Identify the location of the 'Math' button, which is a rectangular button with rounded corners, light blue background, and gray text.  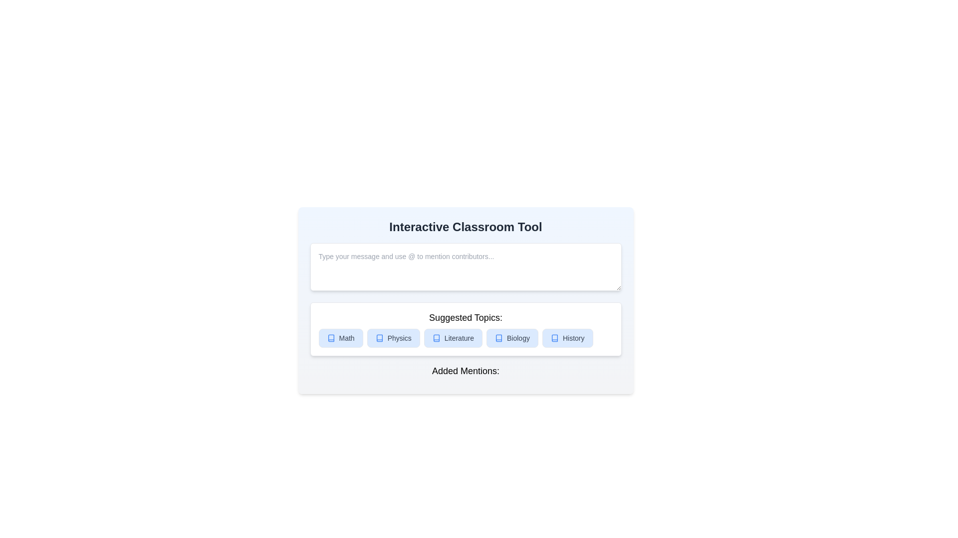
(341, 337).